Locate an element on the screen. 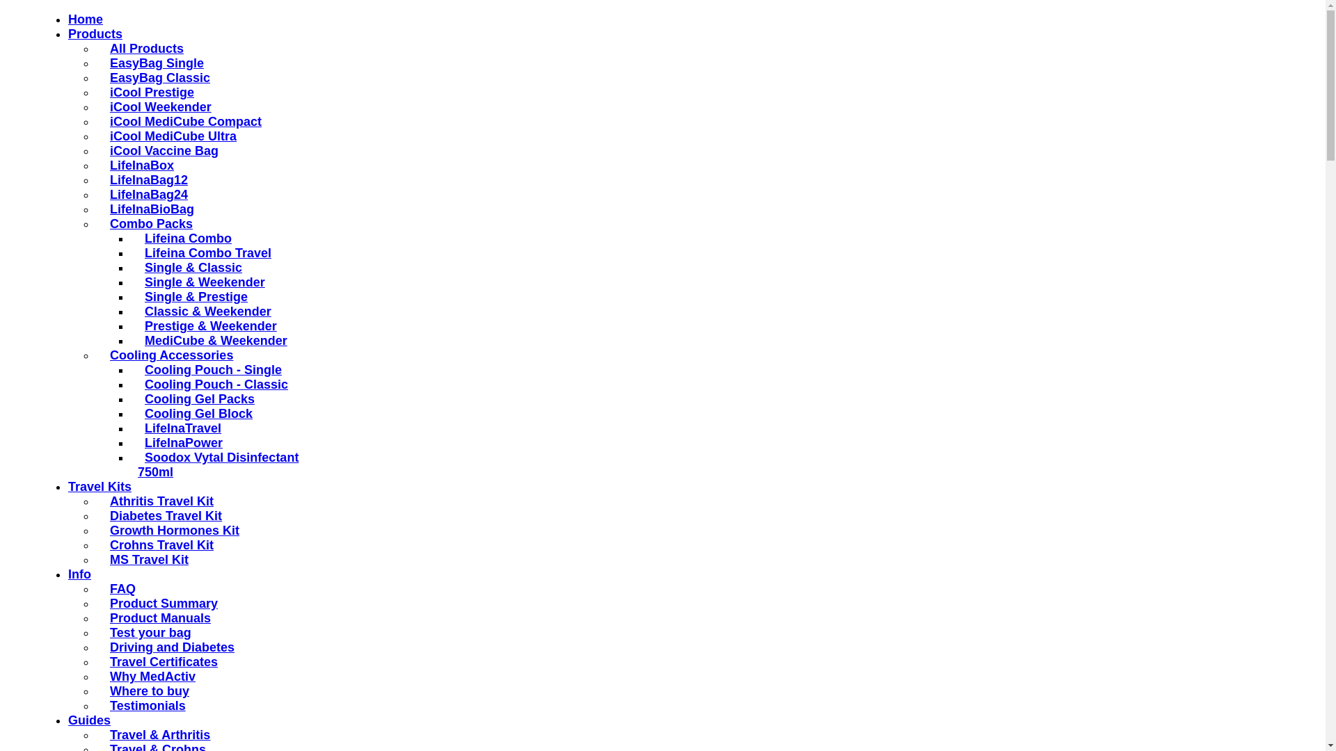 The image size is (1336, 751). 'MS Travel Kit' is located at coordinates (102, 559).